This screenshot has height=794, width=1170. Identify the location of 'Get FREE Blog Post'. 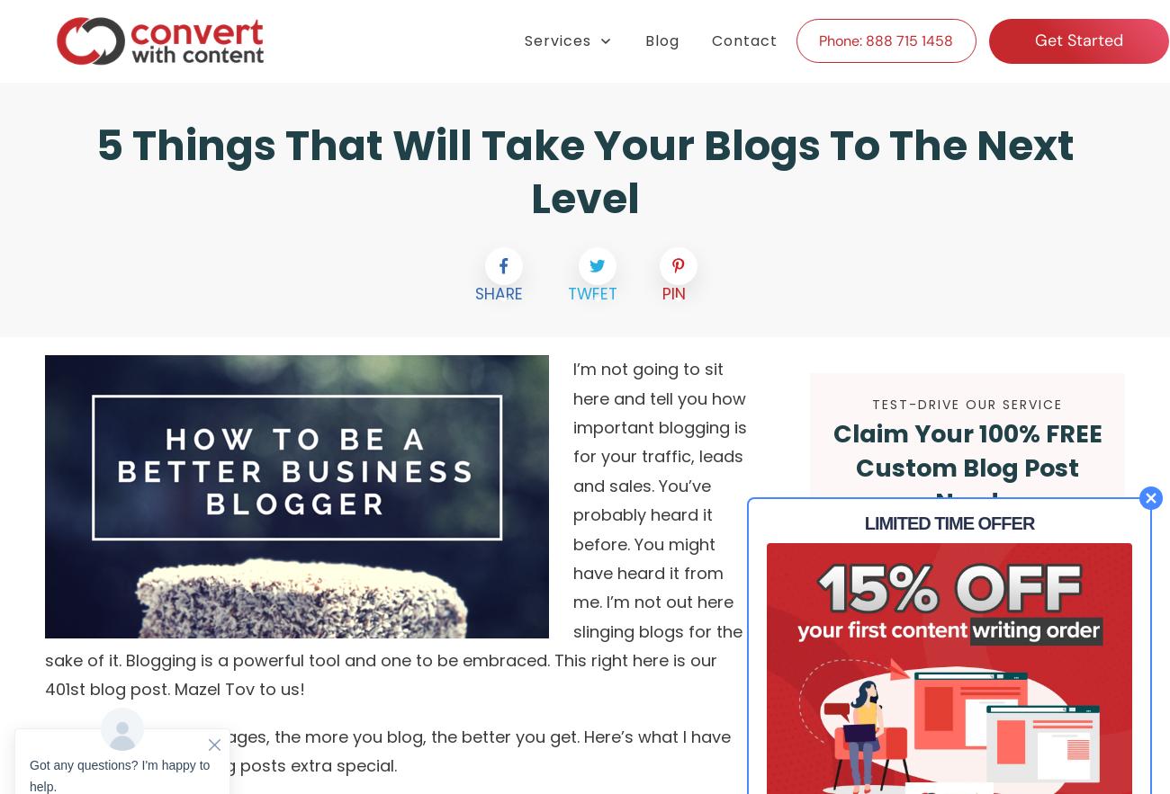
(967, 561).